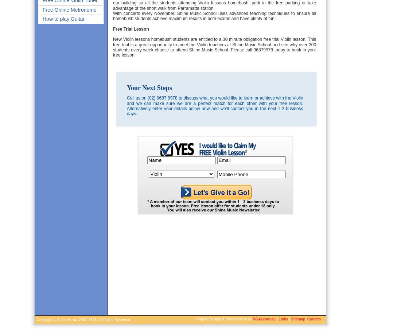 Image resolution: width=401 pixels, height=331 pixels. Describe the element at coordinates (196, 319) in the screenshot. I see `'Original Design & Development by'` at that location.